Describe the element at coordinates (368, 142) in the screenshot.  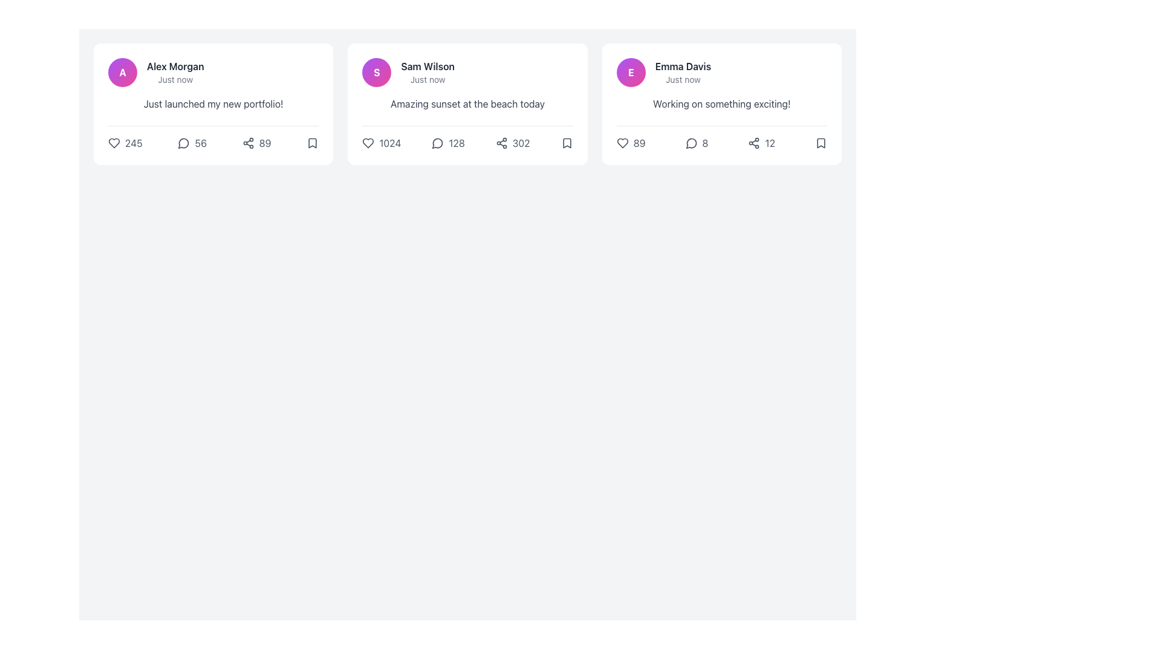
I see `the heart-shaped icon, which is dark gray and positioned to the far left of the numerical value '1024', to increase the associated count` at that location.